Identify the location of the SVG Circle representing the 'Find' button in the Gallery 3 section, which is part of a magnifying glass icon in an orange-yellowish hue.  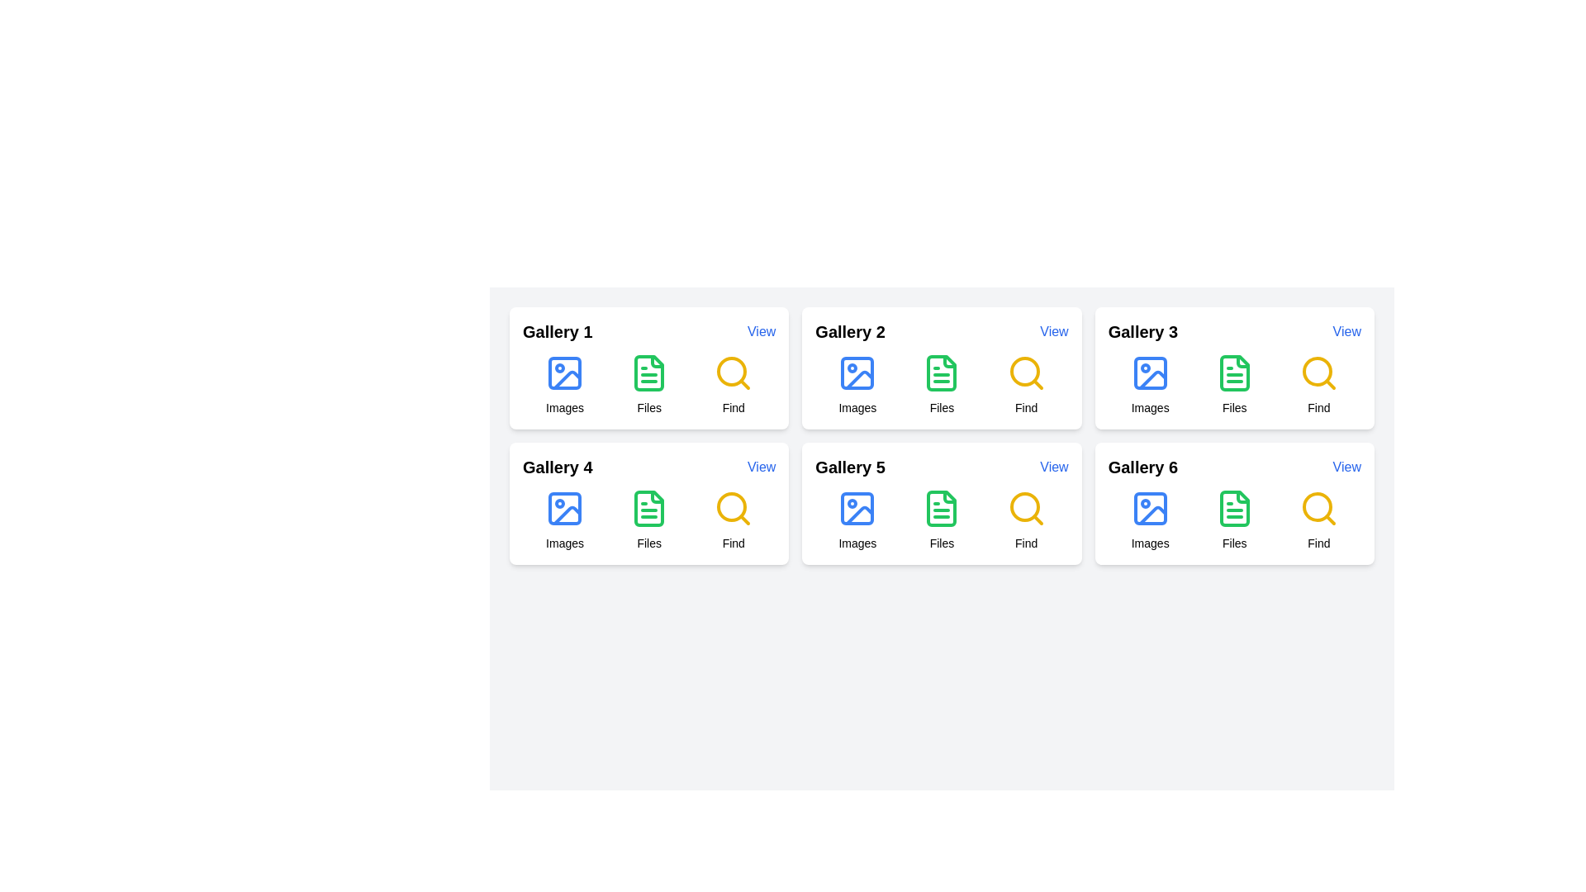
(1316, 372).